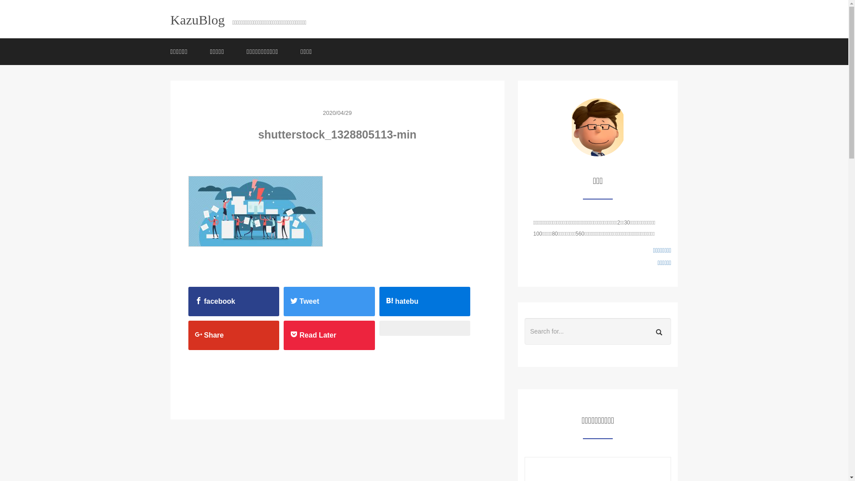 The image size is (855, 481). I want to click on 'Read Later', so click(329, 335).